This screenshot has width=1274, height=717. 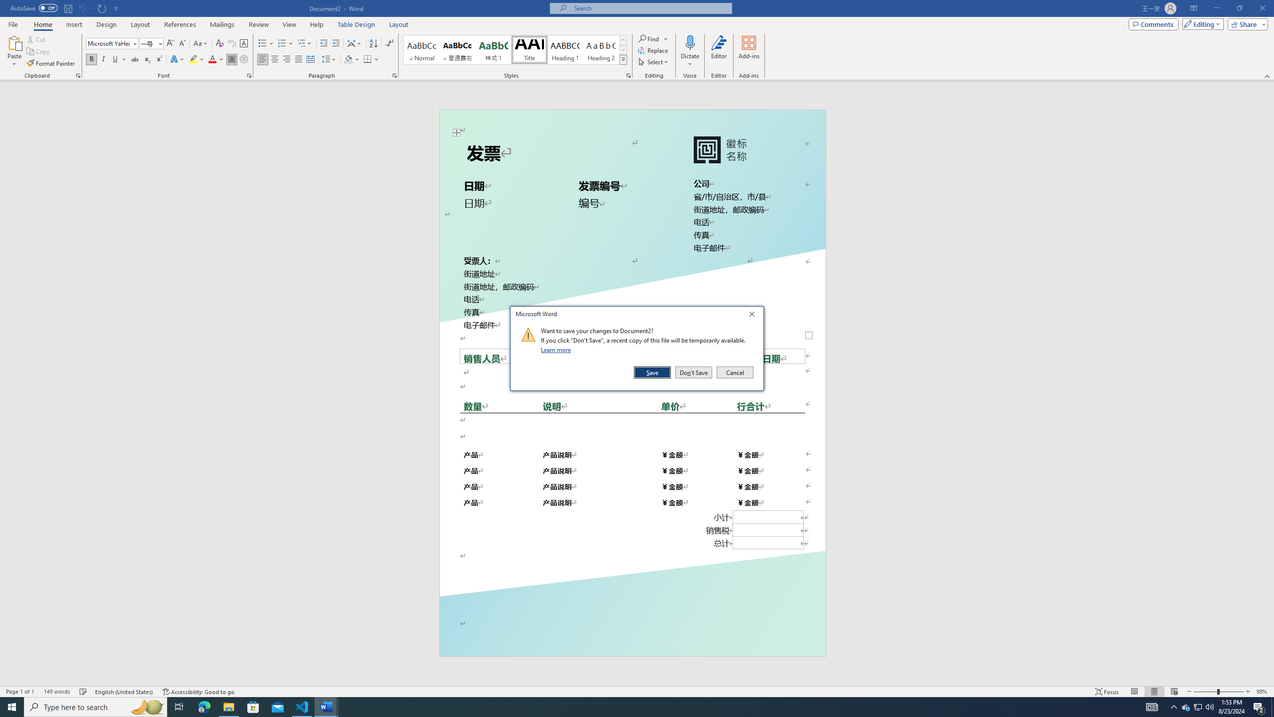 What do you see at coordinates (1201, 23) in the screenshot?
I see `'Mode'` at bounding box center [1201, 23].